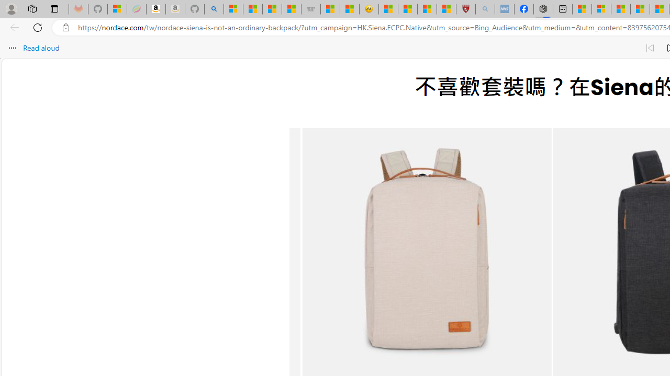 The width and height of the screenshot is (670, 376). Describe the element at coordinates (465, 9) in the screenshot. I see `'Robert H. Shmerling, MD - Harvard Health'` at that location.